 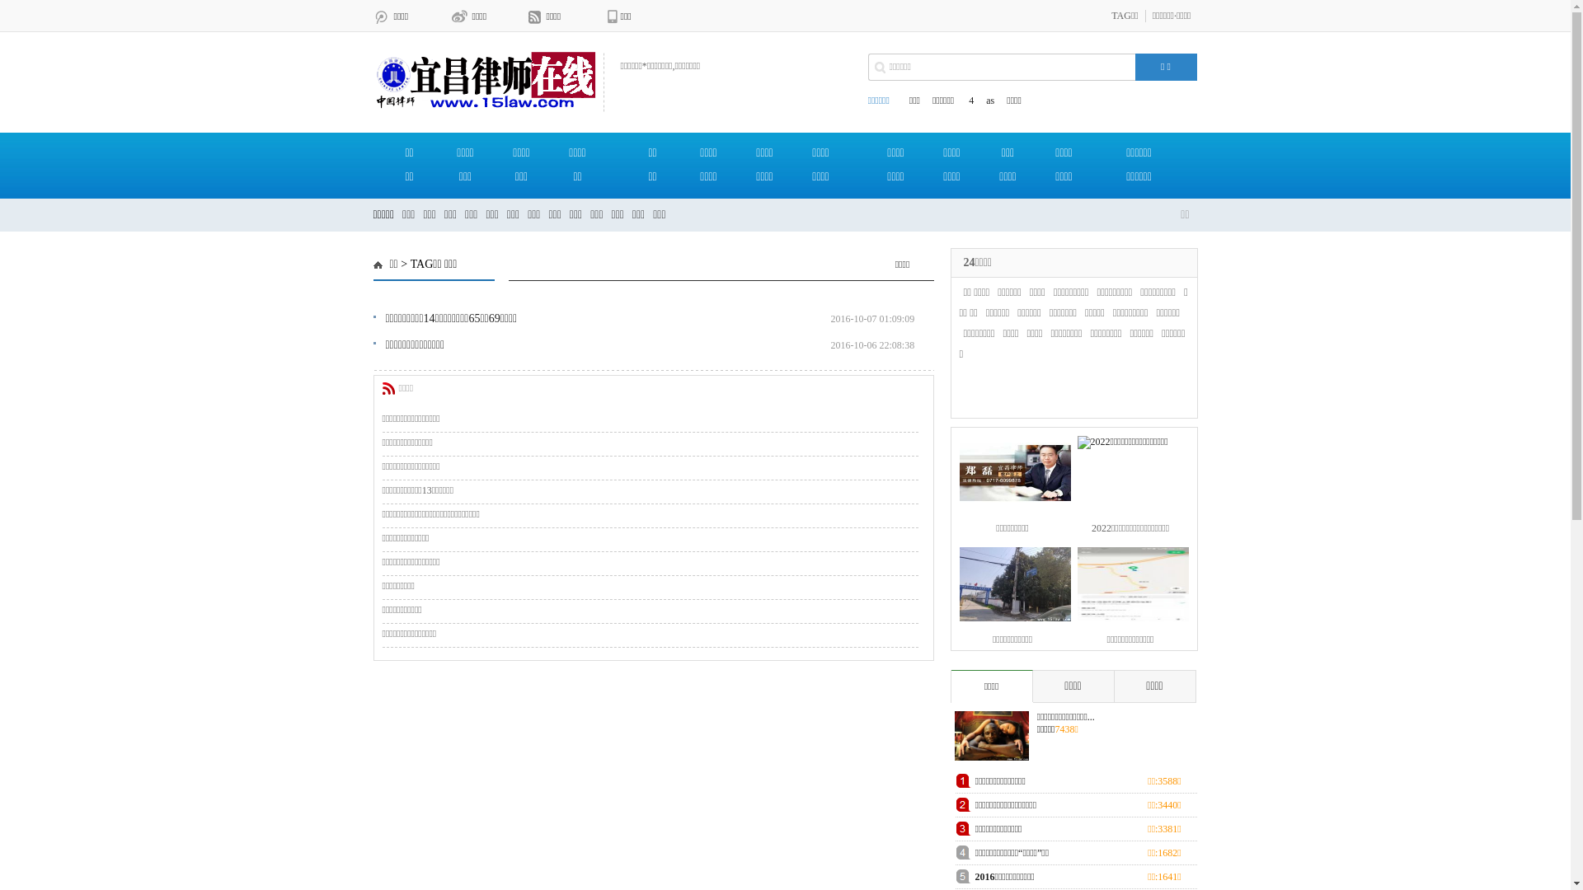 What do you see at coordinates (970, 101) in the screenshot?
I see `'4'` at bounding box center [970, 101].